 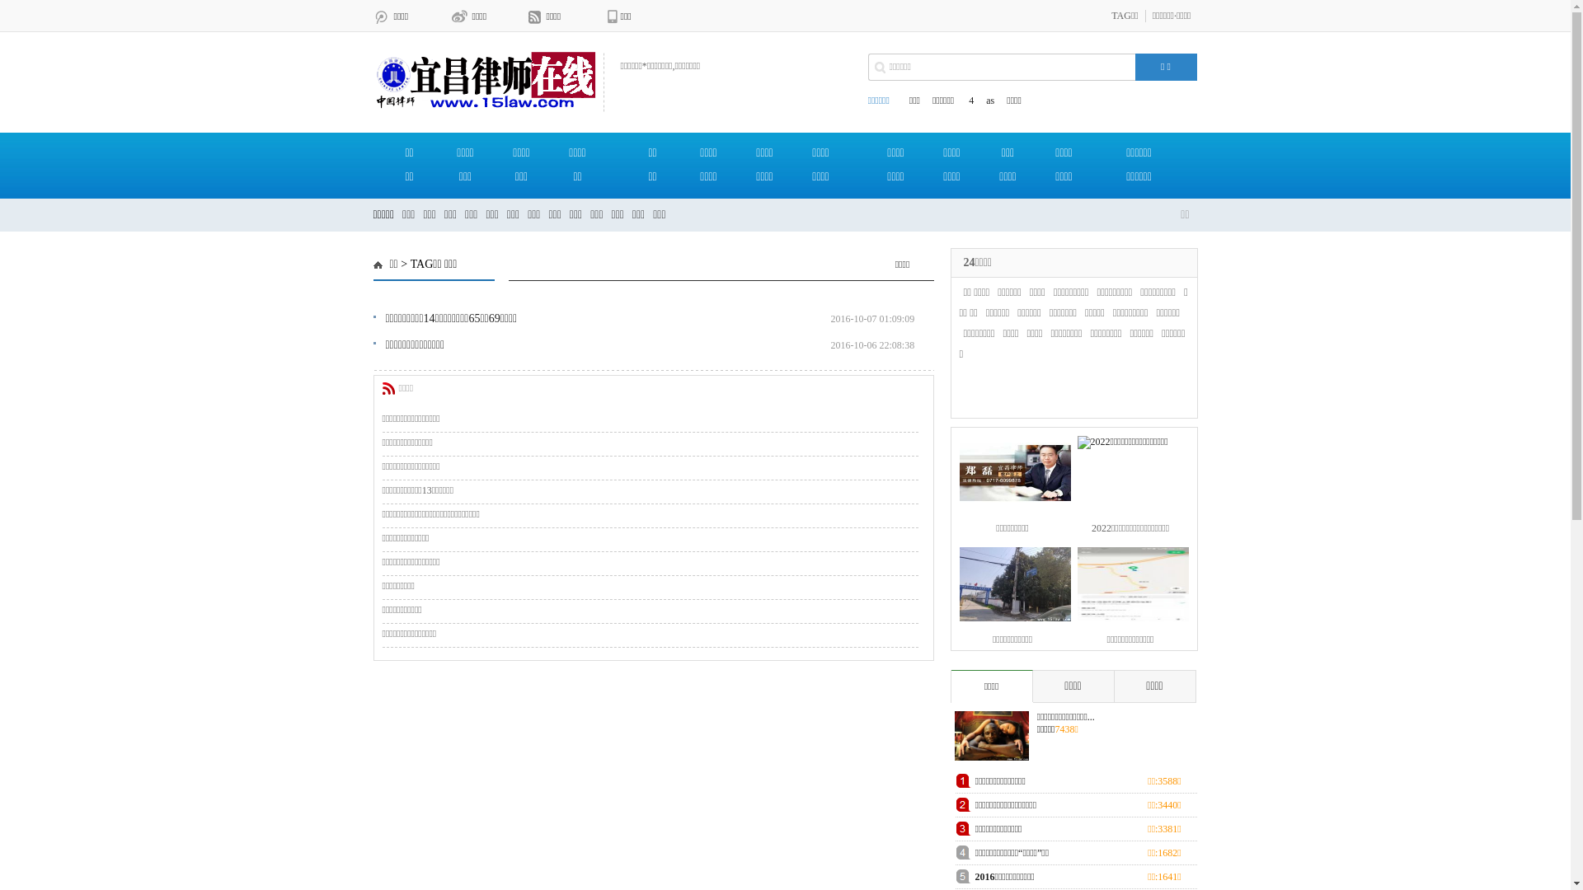 What do you see at coordinates (970, 101) in the screenshot?
I see `'4'` at bounding box center [970, 101].